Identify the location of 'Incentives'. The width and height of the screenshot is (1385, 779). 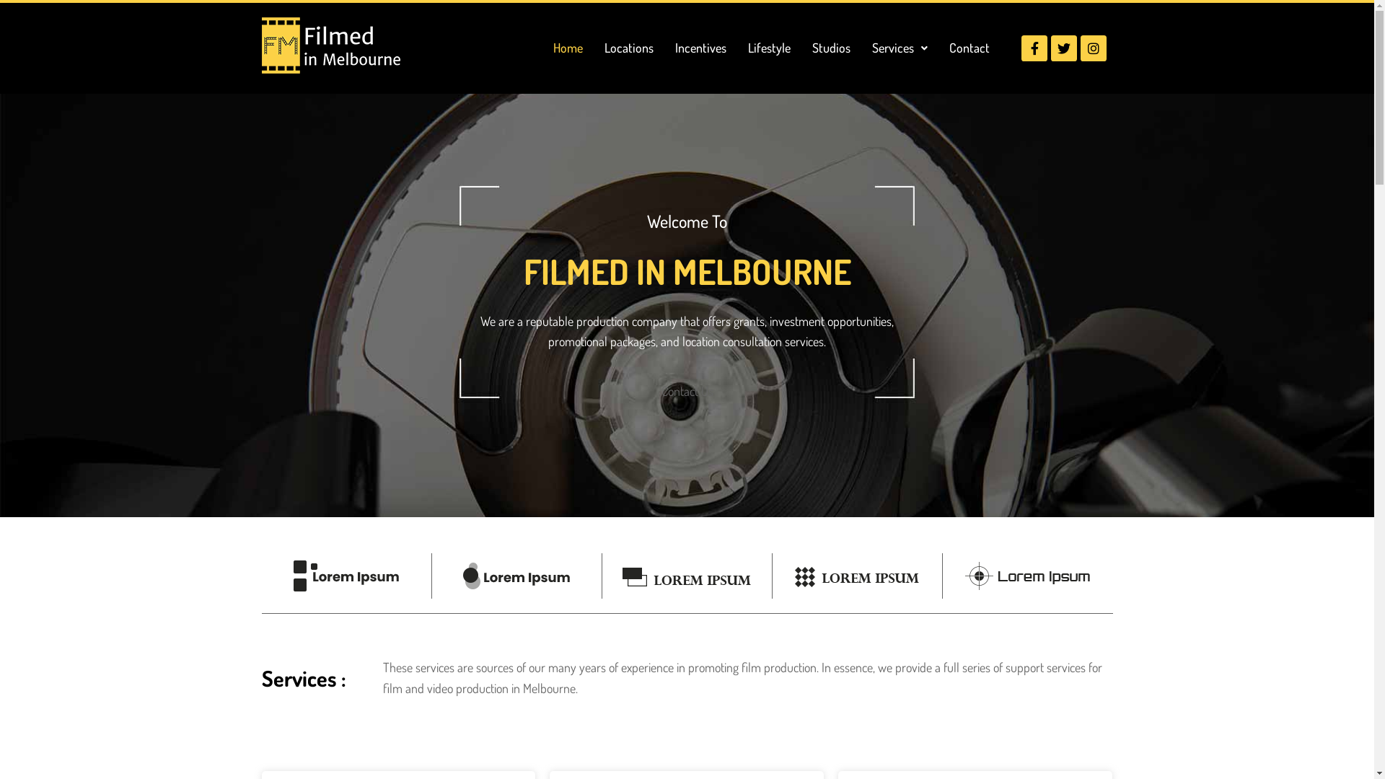
(700, 47).